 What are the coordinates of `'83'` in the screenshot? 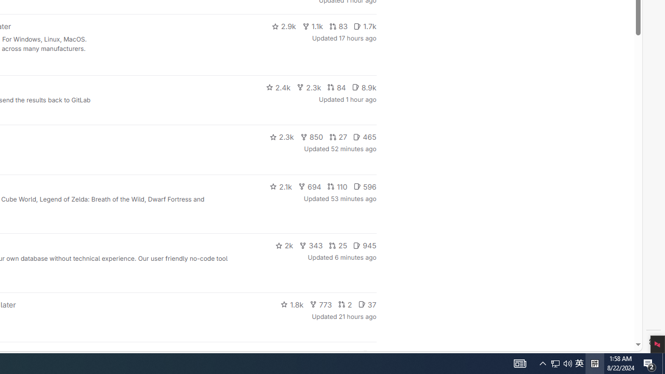 It's located at (338, 26).